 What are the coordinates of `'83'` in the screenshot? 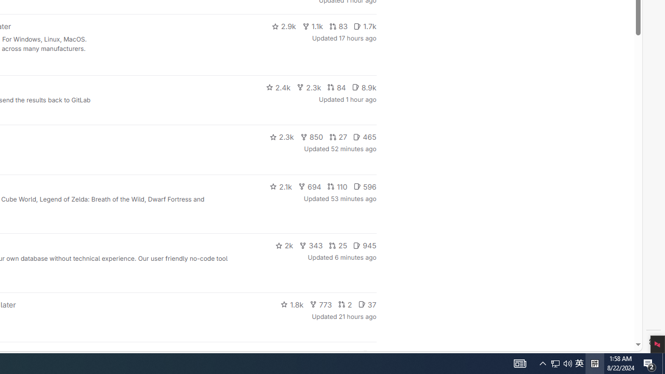 It's located at (338, 26).